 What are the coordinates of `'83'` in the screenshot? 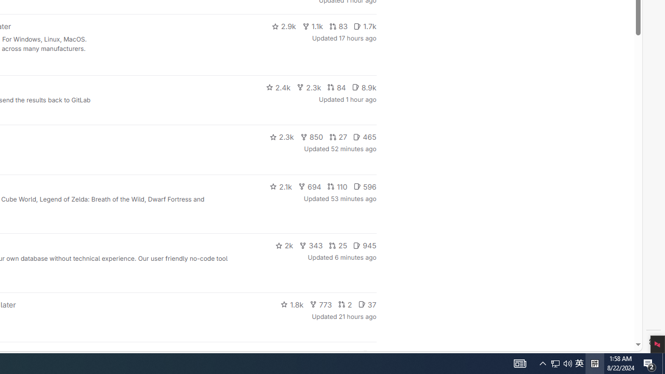 It's located at (338, 26).